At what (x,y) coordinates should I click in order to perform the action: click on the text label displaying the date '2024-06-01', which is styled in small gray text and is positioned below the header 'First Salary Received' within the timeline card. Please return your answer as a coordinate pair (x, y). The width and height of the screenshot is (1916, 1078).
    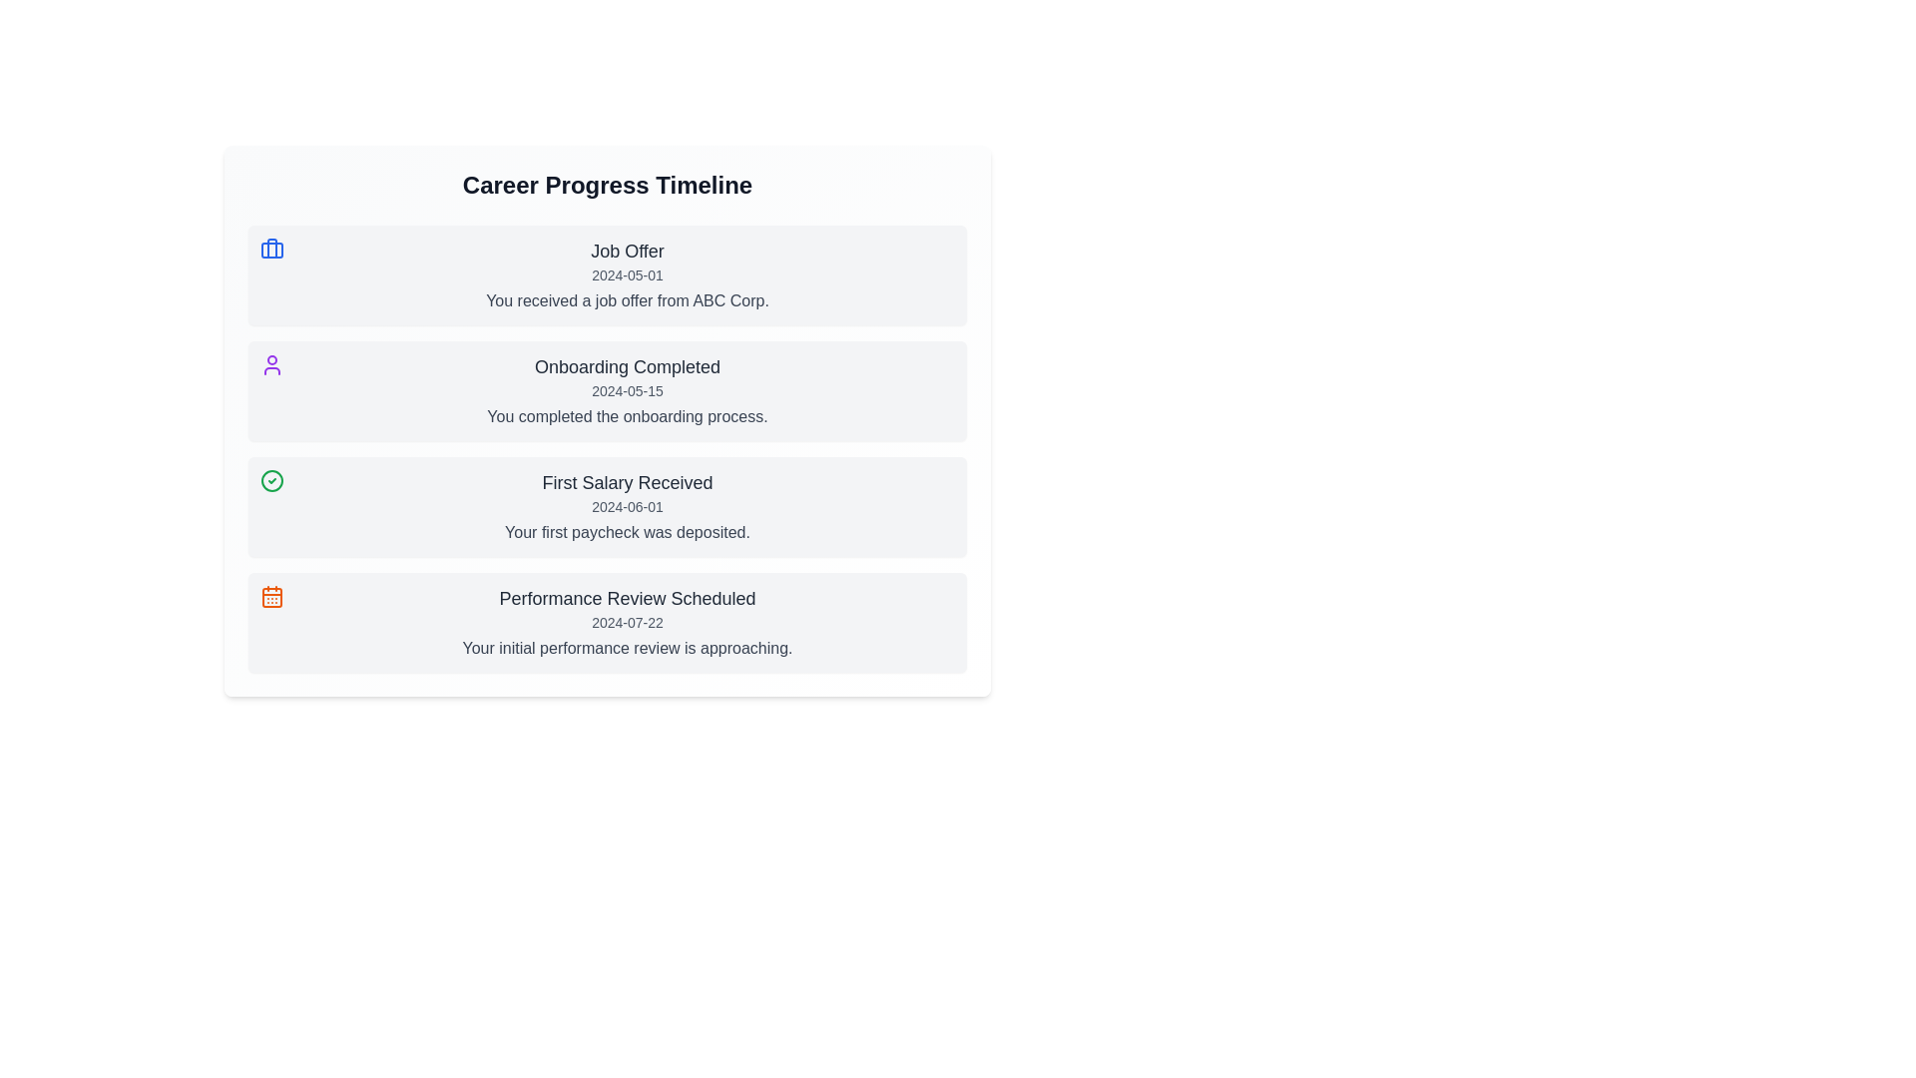
    Looking at the image, I should click on (626, 506).